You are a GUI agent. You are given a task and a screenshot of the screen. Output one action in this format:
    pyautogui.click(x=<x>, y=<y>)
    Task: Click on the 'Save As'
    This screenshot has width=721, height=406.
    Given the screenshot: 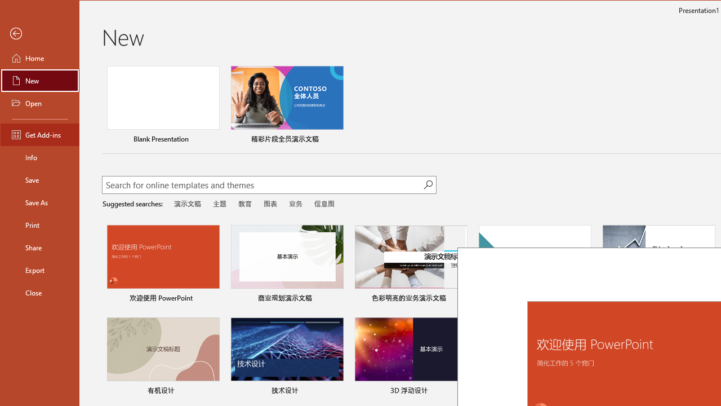 What is the action you would take?
    pyautogui.click(x=40, y=201)
    